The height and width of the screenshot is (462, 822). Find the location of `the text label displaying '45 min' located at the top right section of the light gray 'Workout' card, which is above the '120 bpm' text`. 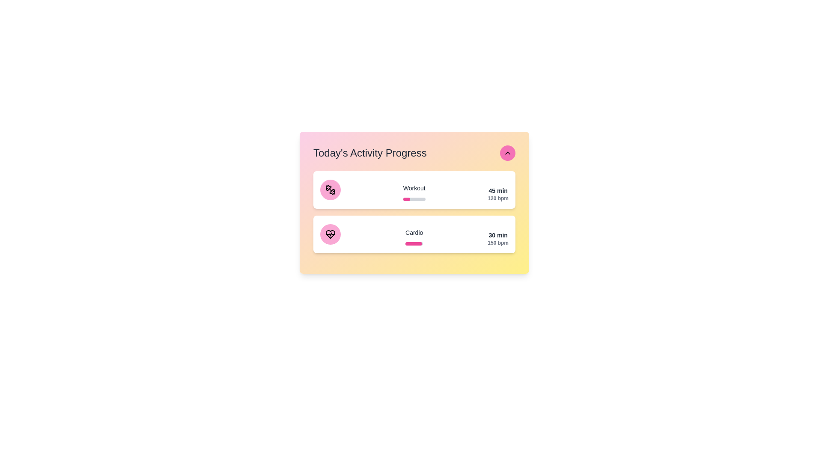

the text label displaying '45 min' located at the top right section of the light gray 'Workout' card, which is above the '120 bpm' text is located at coordinates (498, 190).